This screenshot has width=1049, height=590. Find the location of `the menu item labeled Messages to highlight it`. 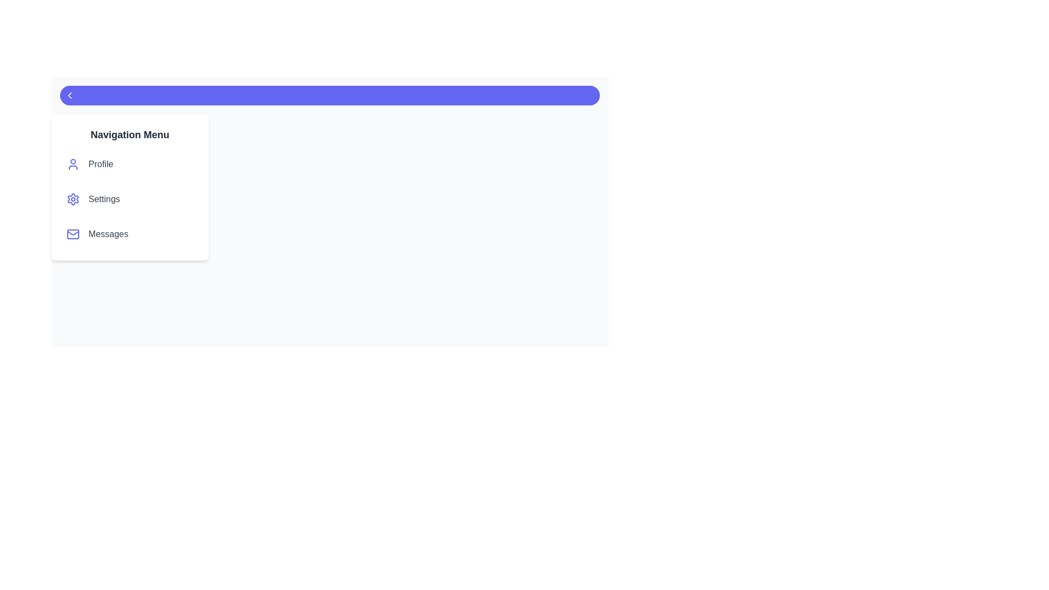

the menu item labeled Messages to highlight it is located at coordinates (130, 233).